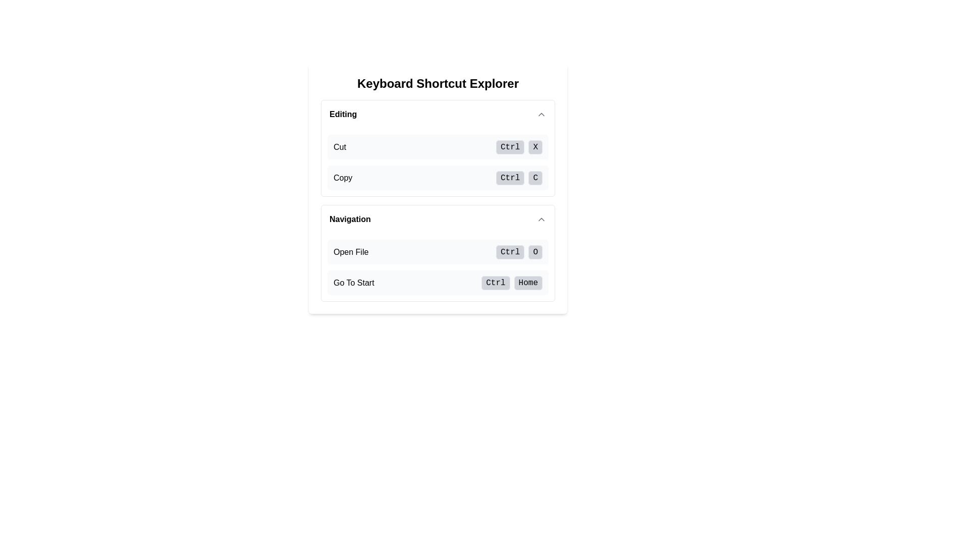 The height and width of the screenshot is (545, 969). Describe the element at coordinates (519, 177) in the screenshot. I see `the keyboard shortcut visual indicator element displaying 'Ctrl' and 'C' buttons, located in the 'Copy' section of the 'Editing' category` at that location.